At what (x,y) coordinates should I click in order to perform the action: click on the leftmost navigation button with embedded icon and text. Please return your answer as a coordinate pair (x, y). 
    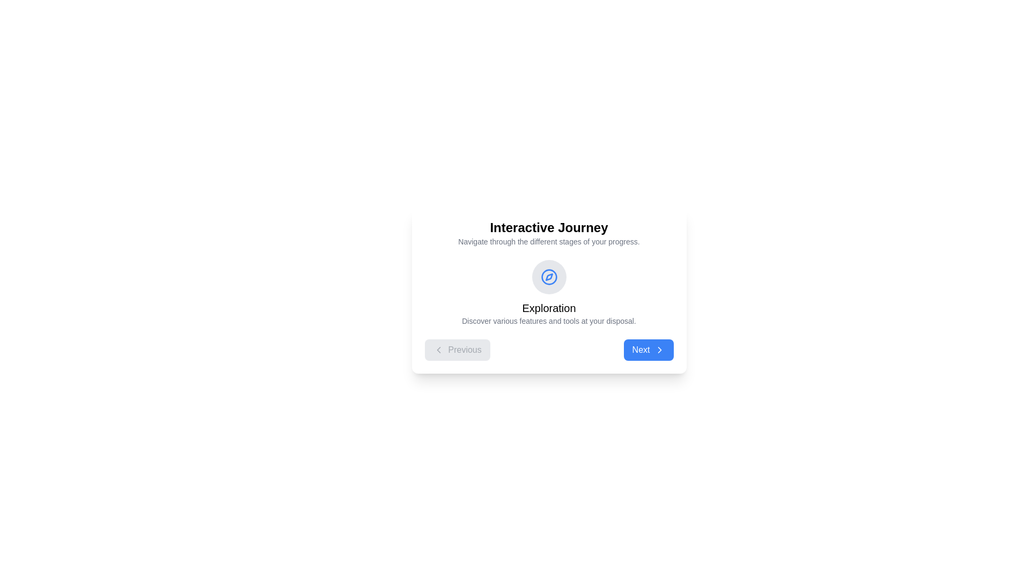
    Looking at the image, I should click on (457, 350).